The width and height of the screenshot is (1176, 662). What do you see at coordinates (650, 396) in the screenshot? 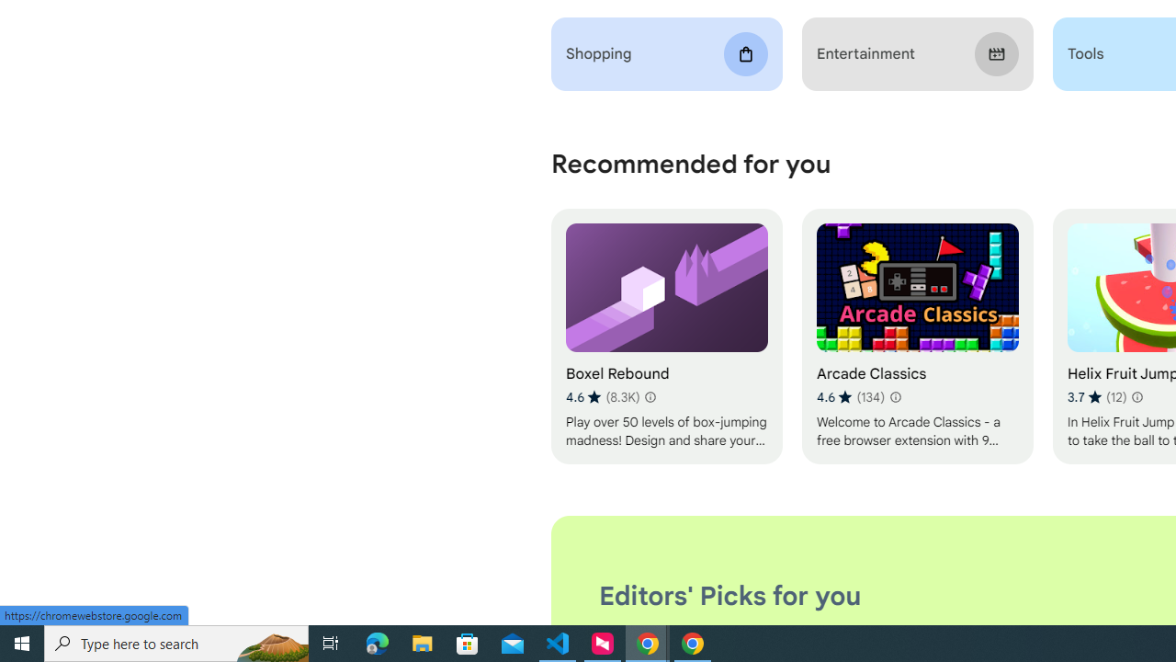
I see `'Learn more about results and reviews "Boxel Rebound"'` at bounding box center [650, 396].